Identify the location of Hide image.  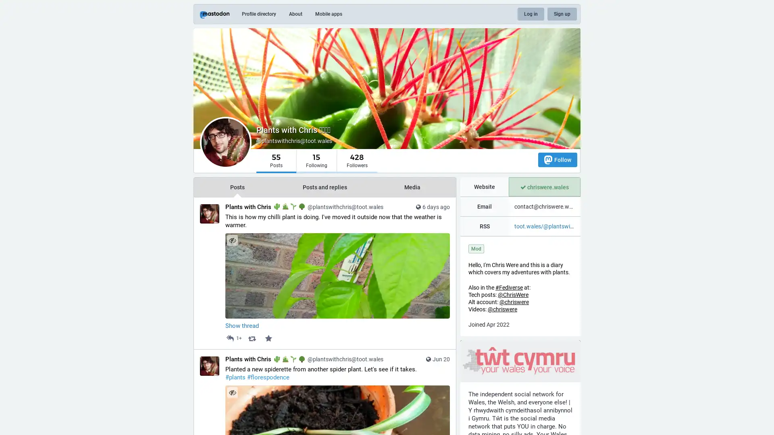
(232, 240).